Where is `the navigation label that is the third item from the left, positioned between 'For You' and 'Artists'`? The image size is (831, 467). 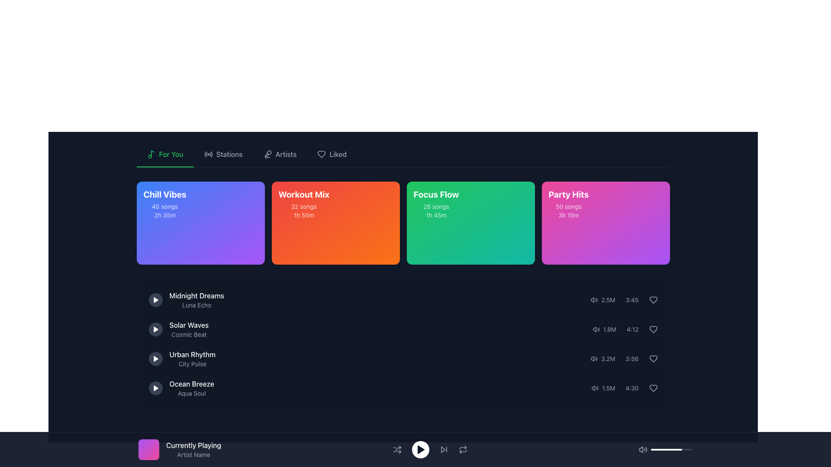
the navigation label that is the third item from the left, positioned between 'For You' and 'Artists' is located at coordinates (229, 154).